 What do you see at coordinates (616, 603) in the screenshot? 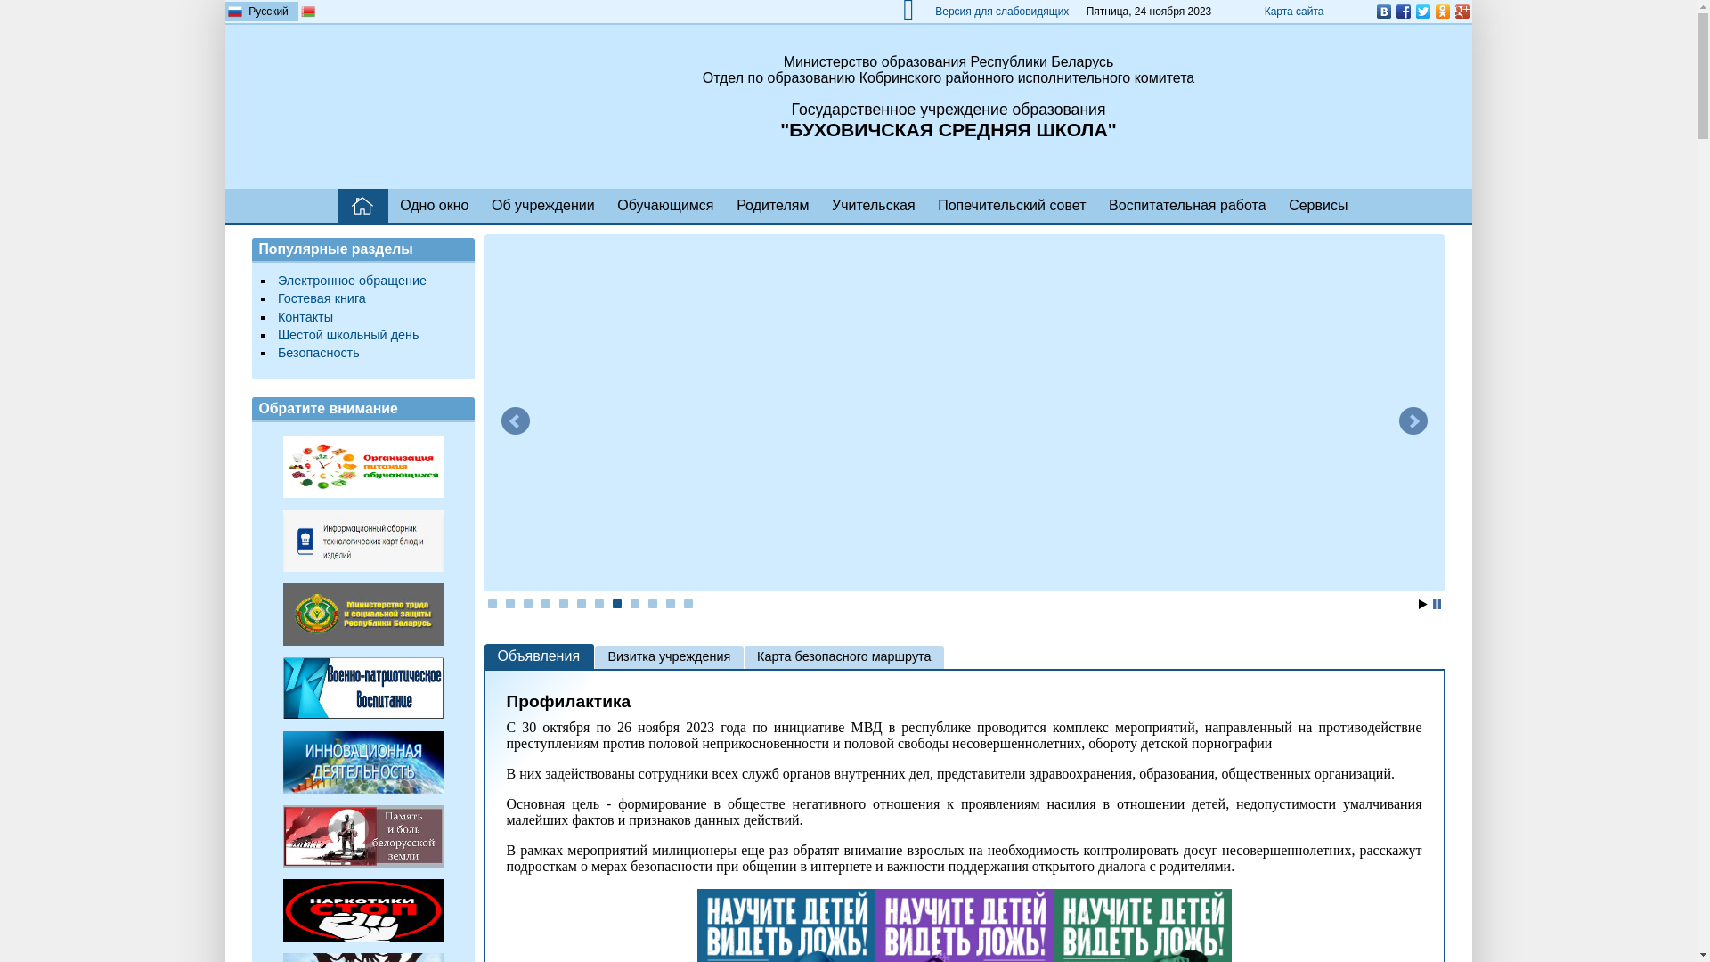
I see `'8'` at bounding box center [616, 603].